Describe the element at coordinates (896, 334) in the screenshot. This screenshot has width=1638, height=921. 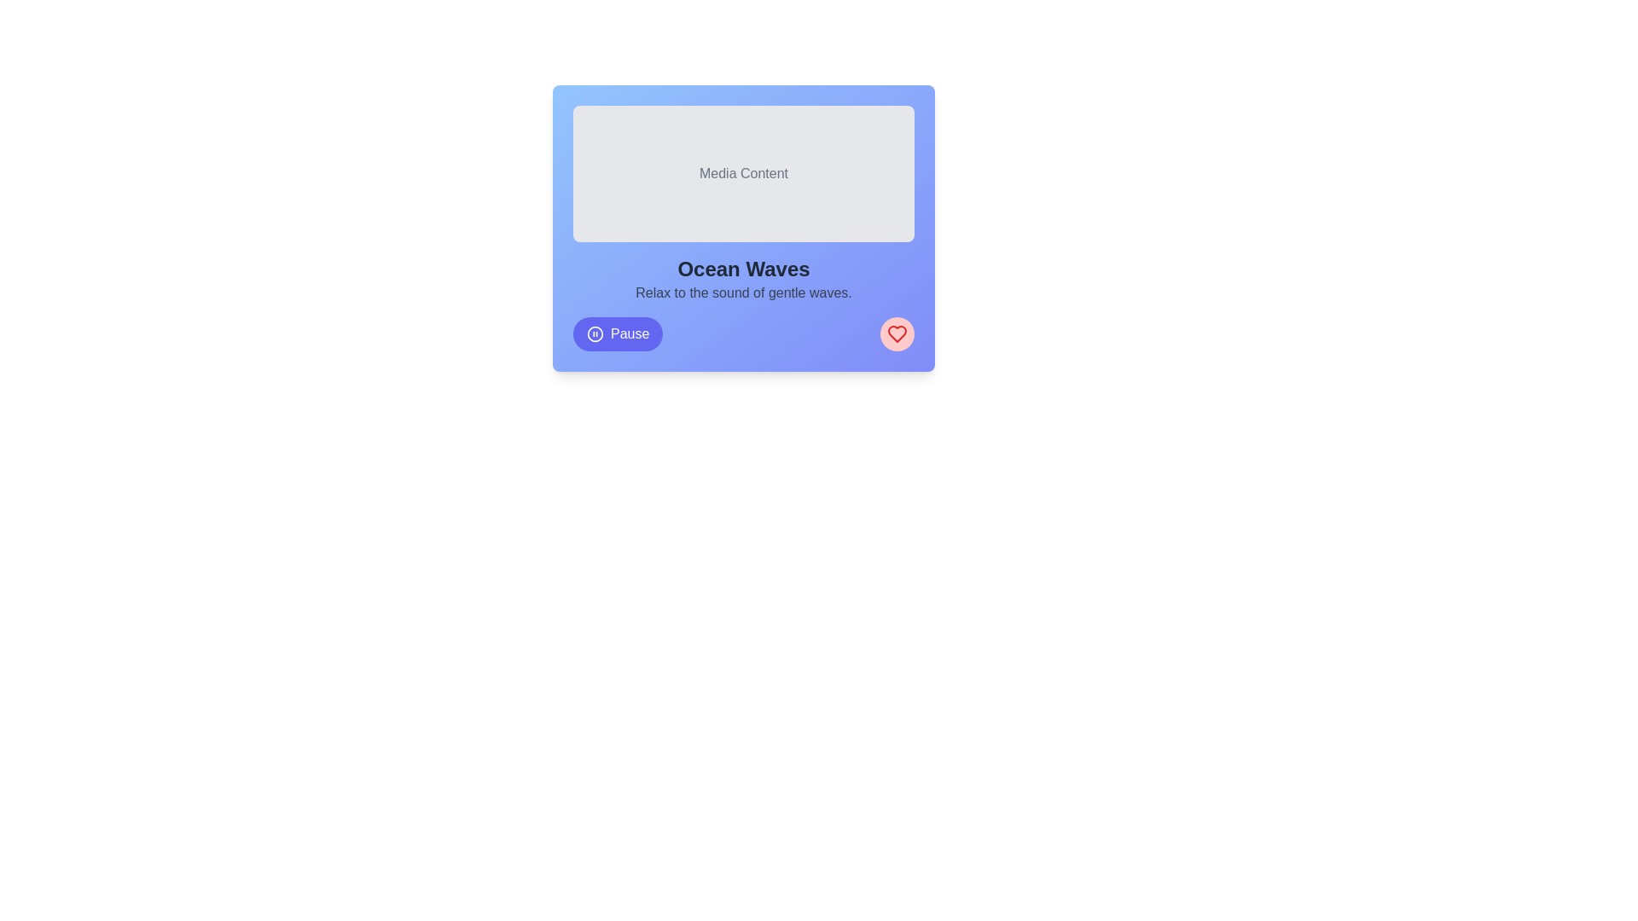
I see `the heart icon, which is a filled gradient red heart shape located in the bottom-right area of the card interface` at that location.